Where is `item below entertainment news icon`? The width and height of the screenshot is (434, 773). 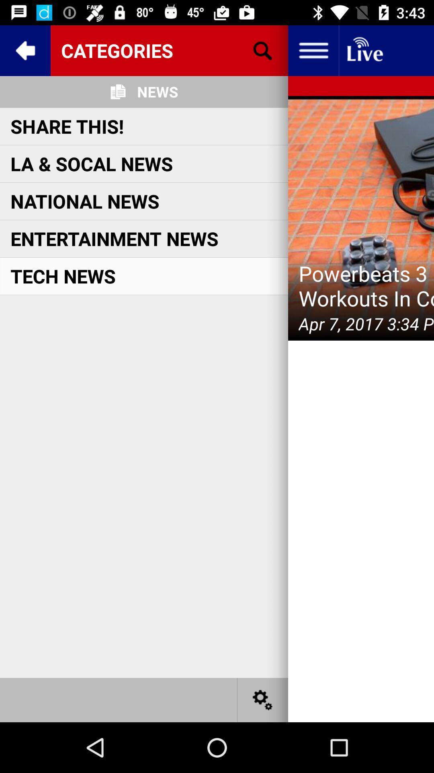
item below entertainment news icon is located at coordinates (63, 276).